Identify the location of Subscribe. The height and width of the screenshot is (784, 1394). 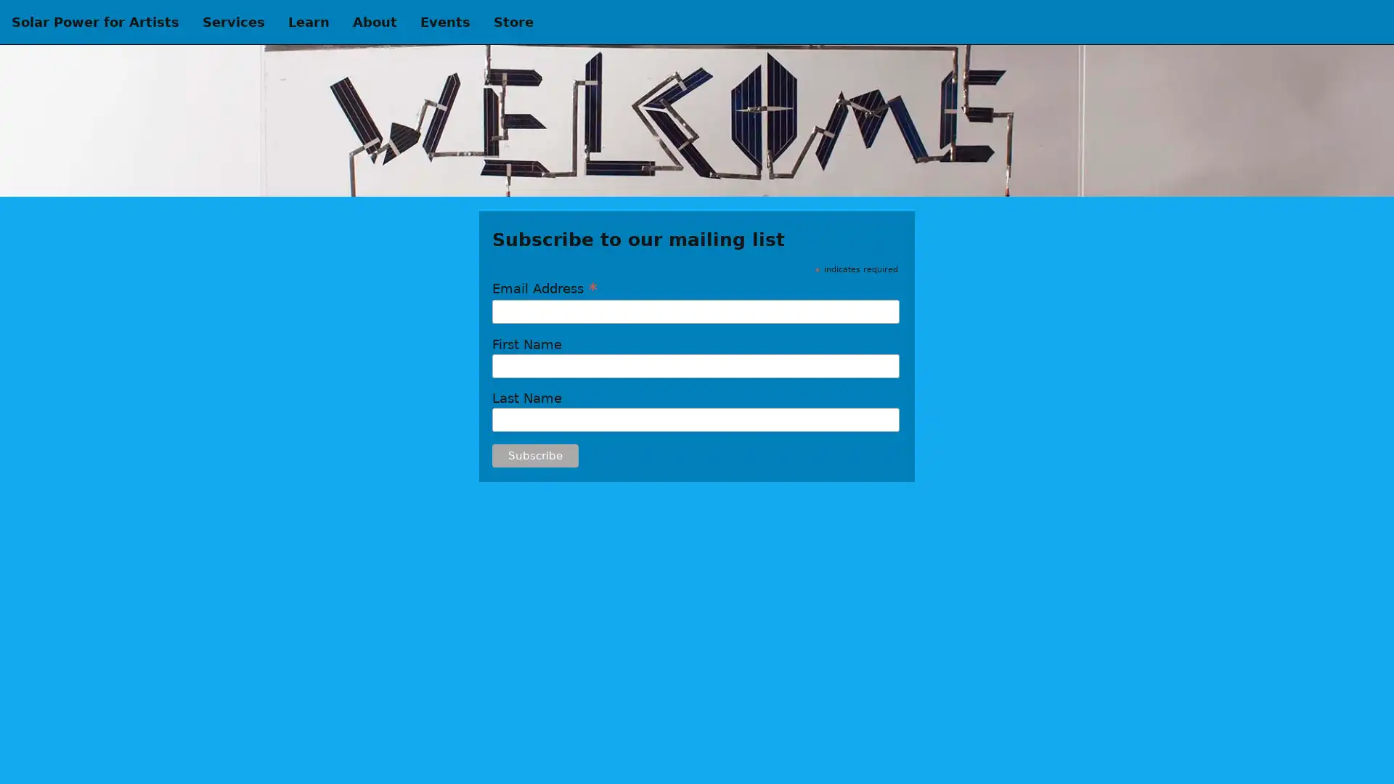
(534, 455).